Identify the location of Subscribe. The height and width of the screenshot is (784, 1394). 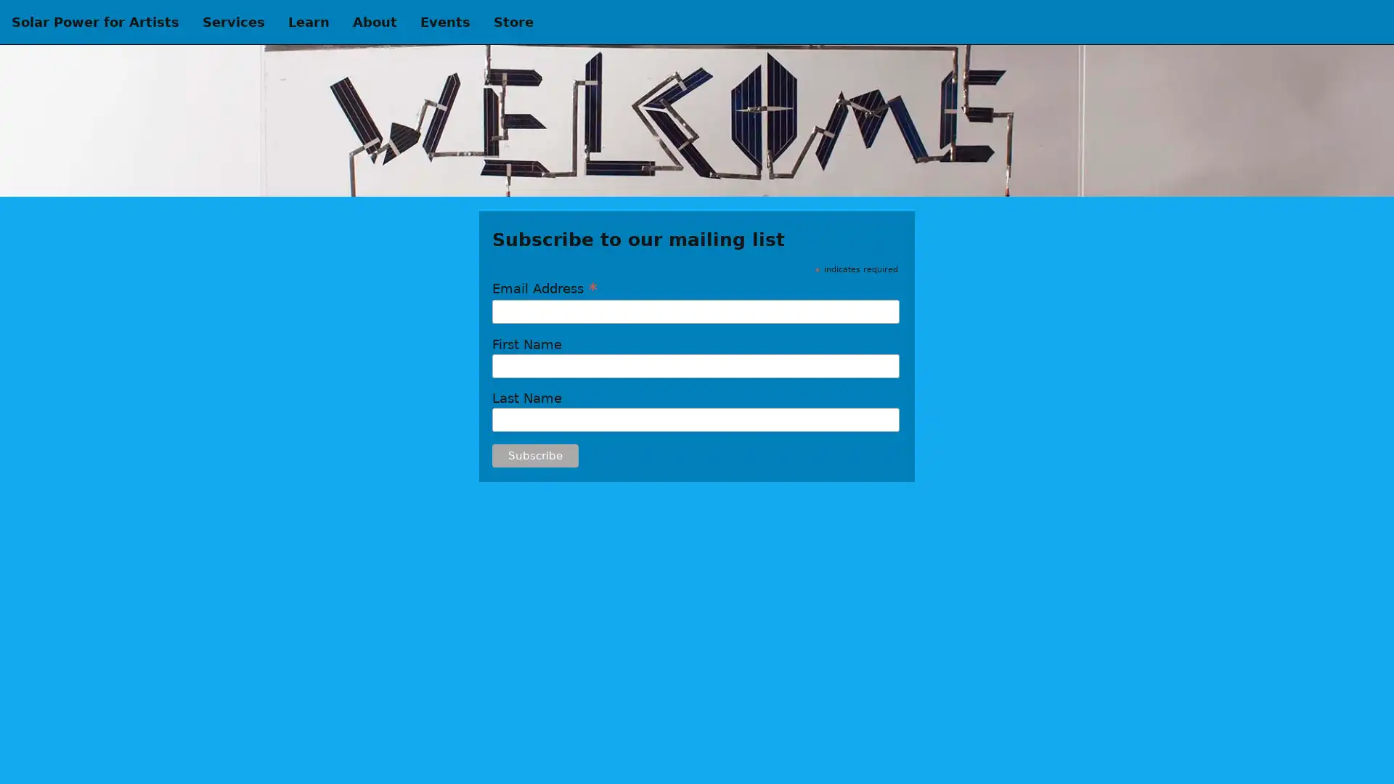
(534, 455).